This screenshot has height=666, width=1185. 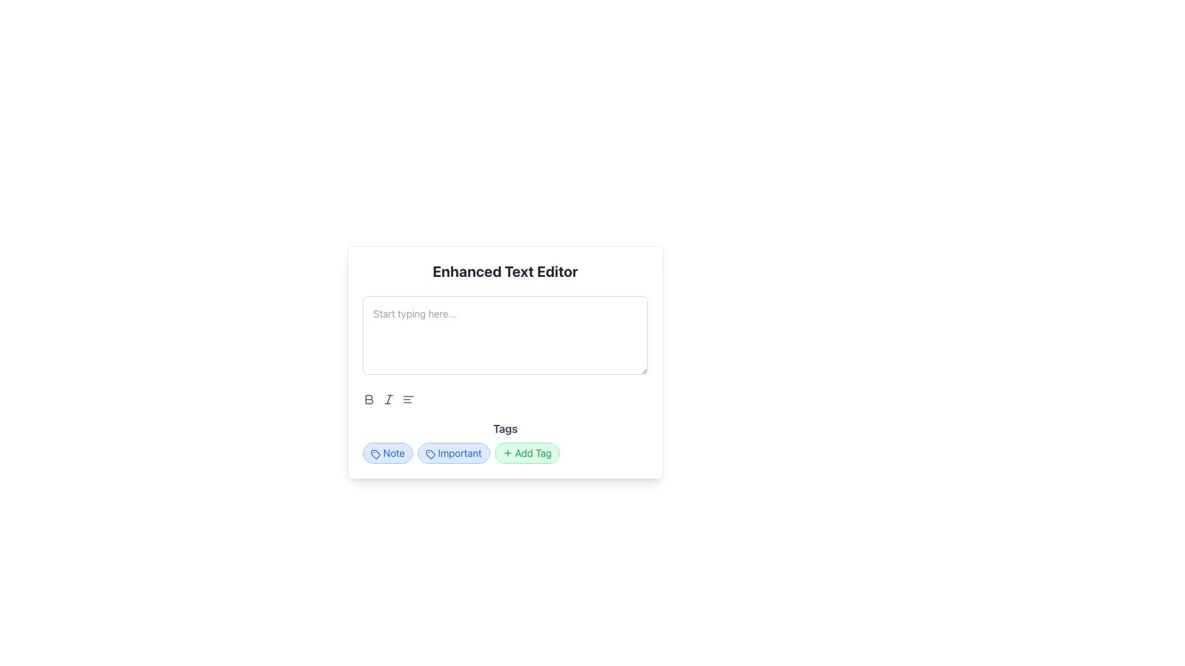 I want to click on the blue 'Note' button within the group of interactive tag buttons located in the 'Tags' section below the 'Enhanced Text Editor' text box to highlight or manage it, so click(x=505, y=453).